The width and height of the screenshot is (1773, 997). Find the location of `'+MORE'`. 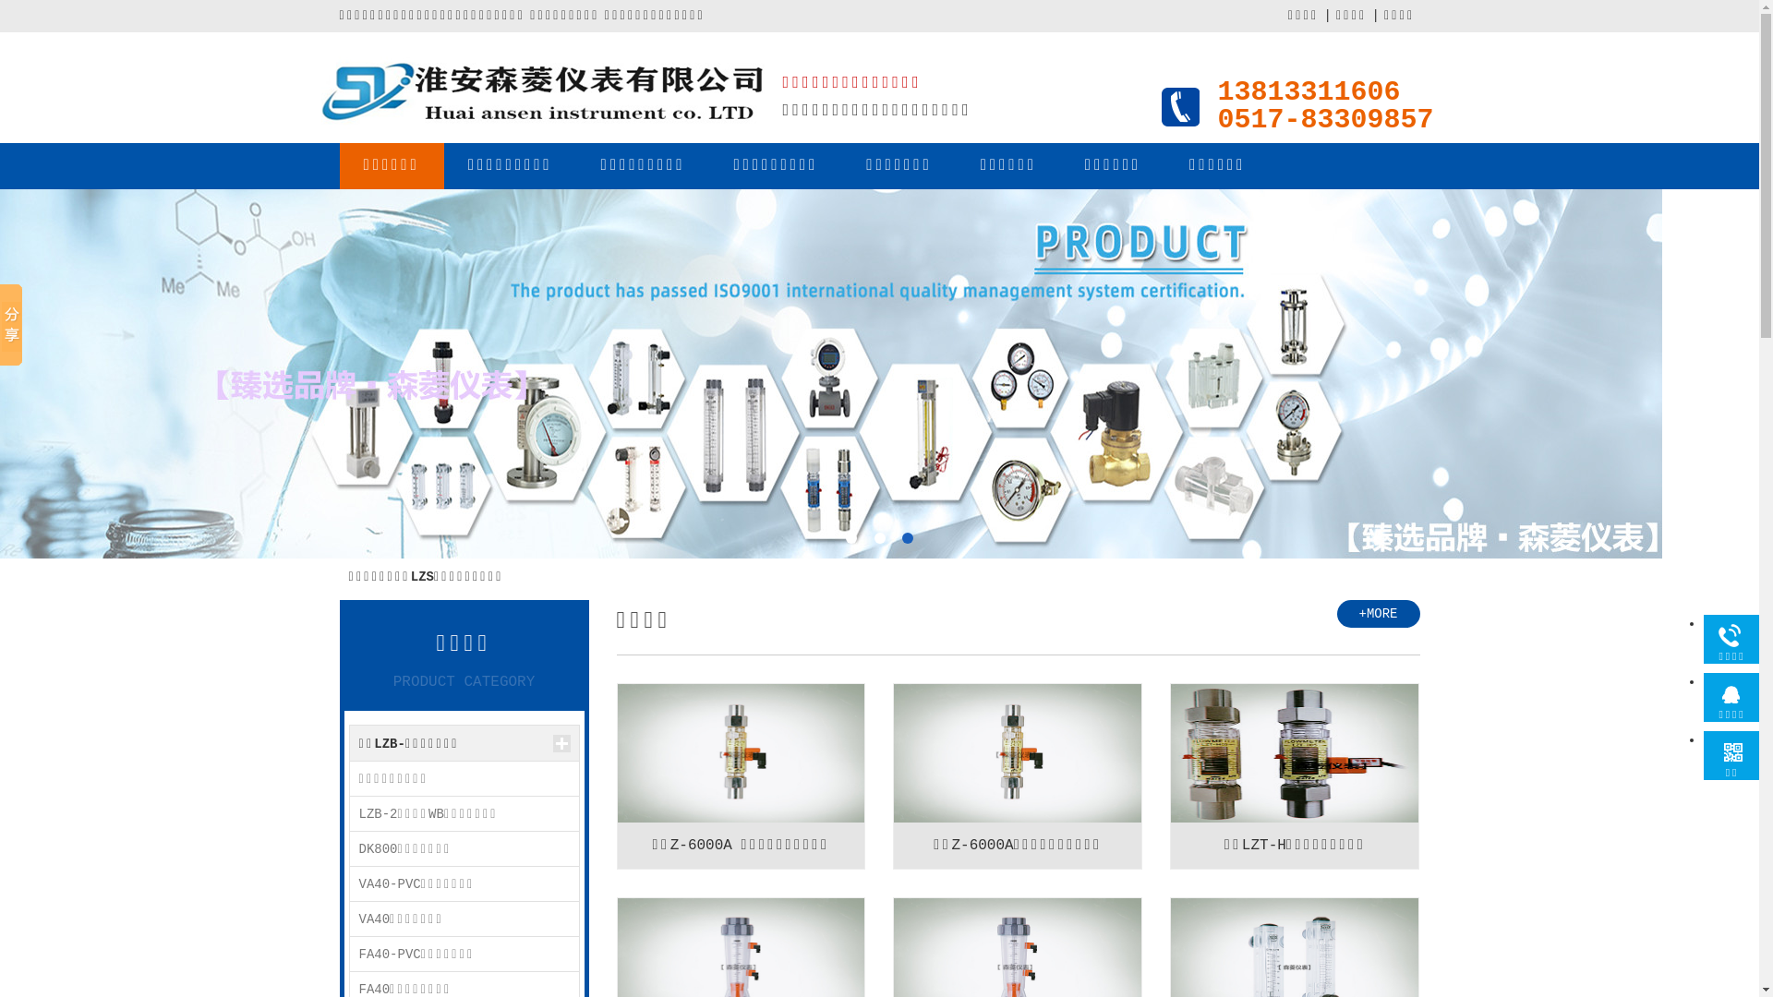

'+MORE' is located at coordinates (1378, 613).